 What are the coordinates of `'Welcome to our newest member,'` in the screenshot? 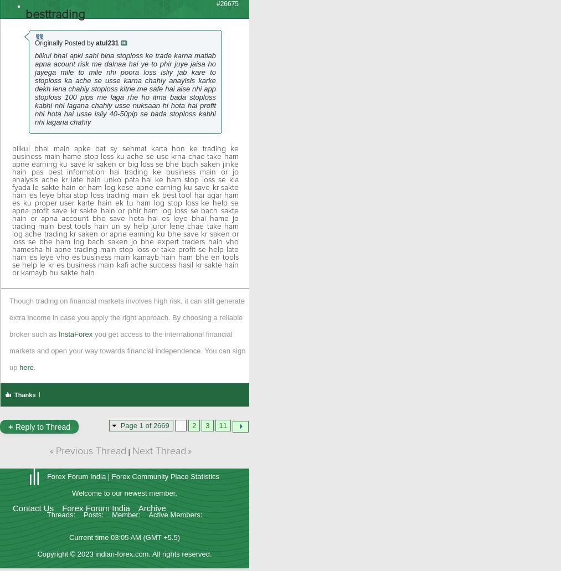 It's located at (123, 493).